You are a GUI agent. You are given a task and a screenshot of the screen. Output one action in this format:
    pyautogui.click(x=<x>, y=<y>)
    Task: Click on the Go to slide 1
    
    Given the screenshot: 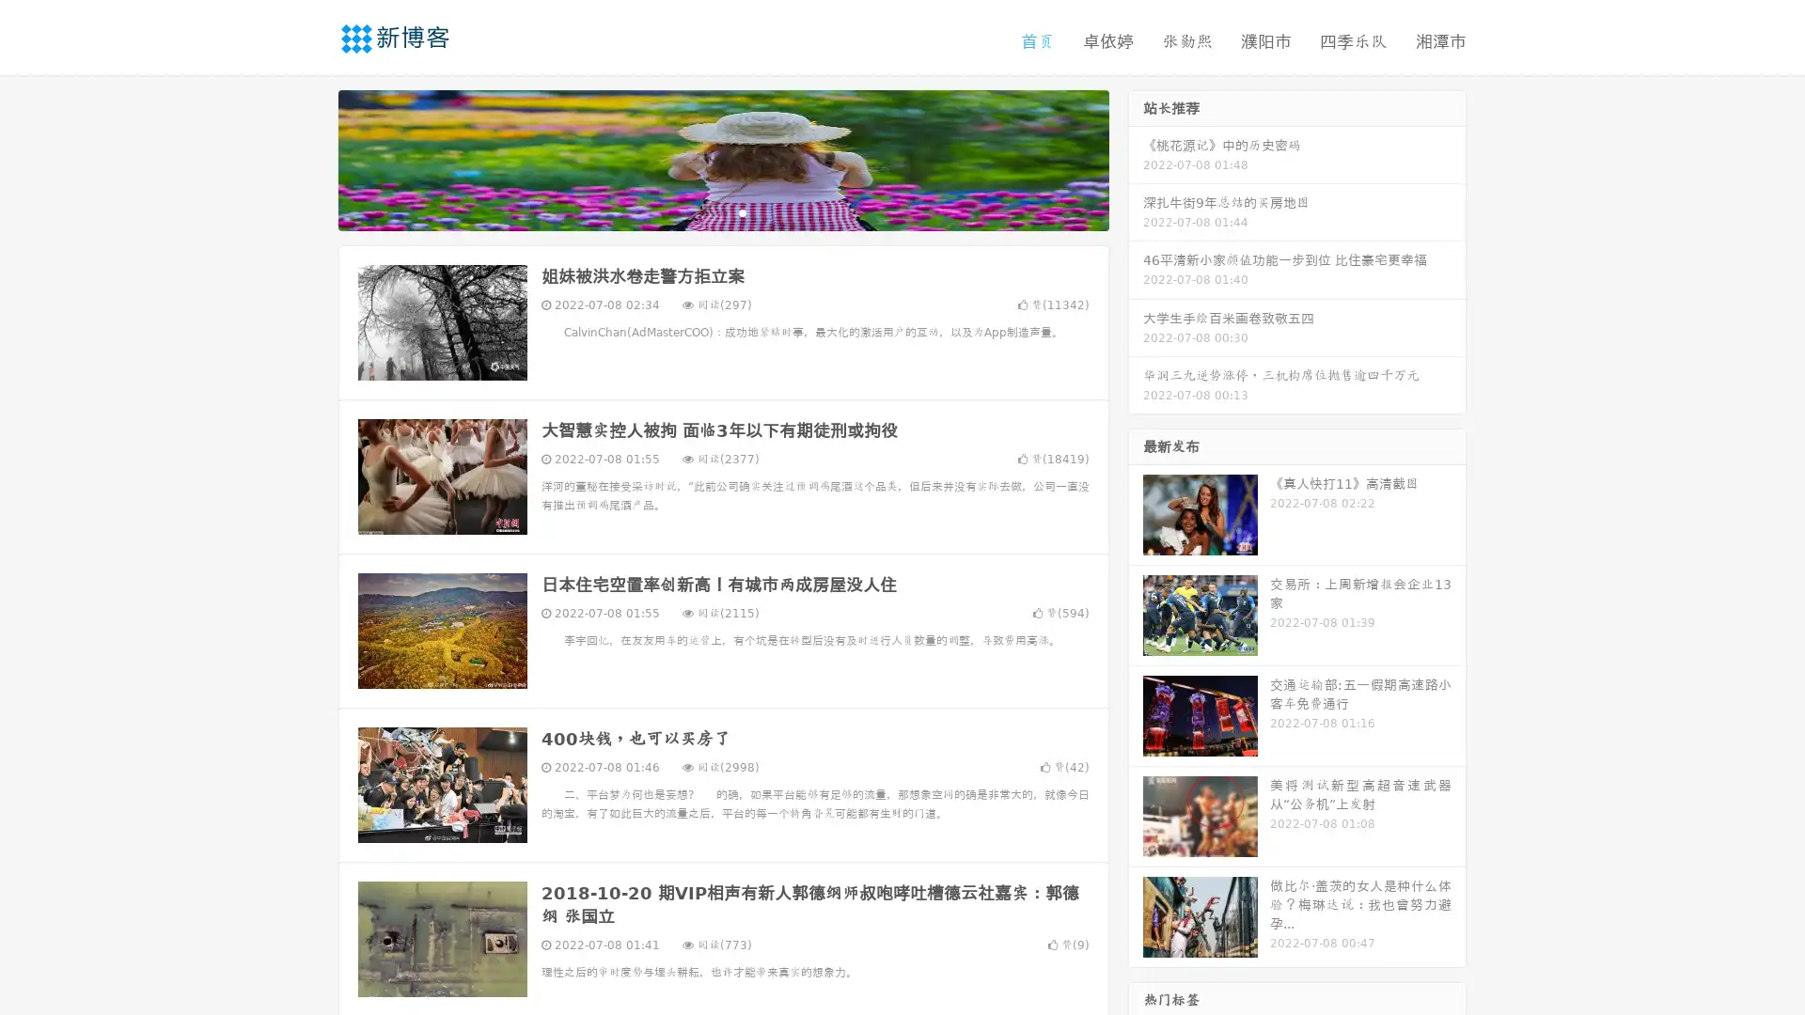 What is the action you would take?
    pyautogui.click(x=703, y=211)
    